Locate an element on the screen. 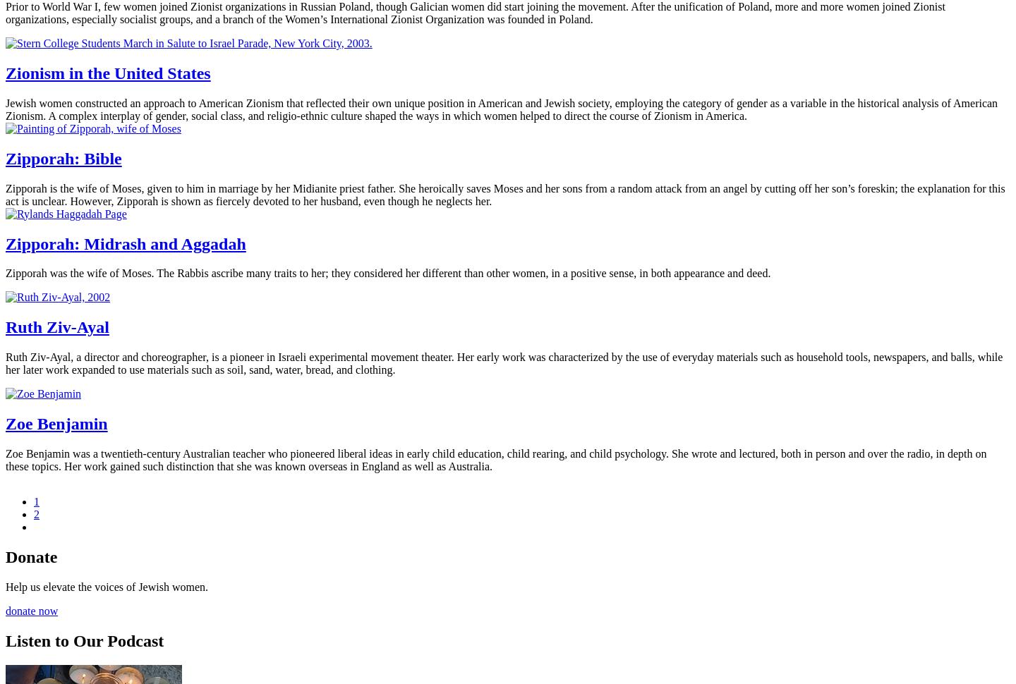  'Zionism in the United States' is located at coordinates (107, 73).